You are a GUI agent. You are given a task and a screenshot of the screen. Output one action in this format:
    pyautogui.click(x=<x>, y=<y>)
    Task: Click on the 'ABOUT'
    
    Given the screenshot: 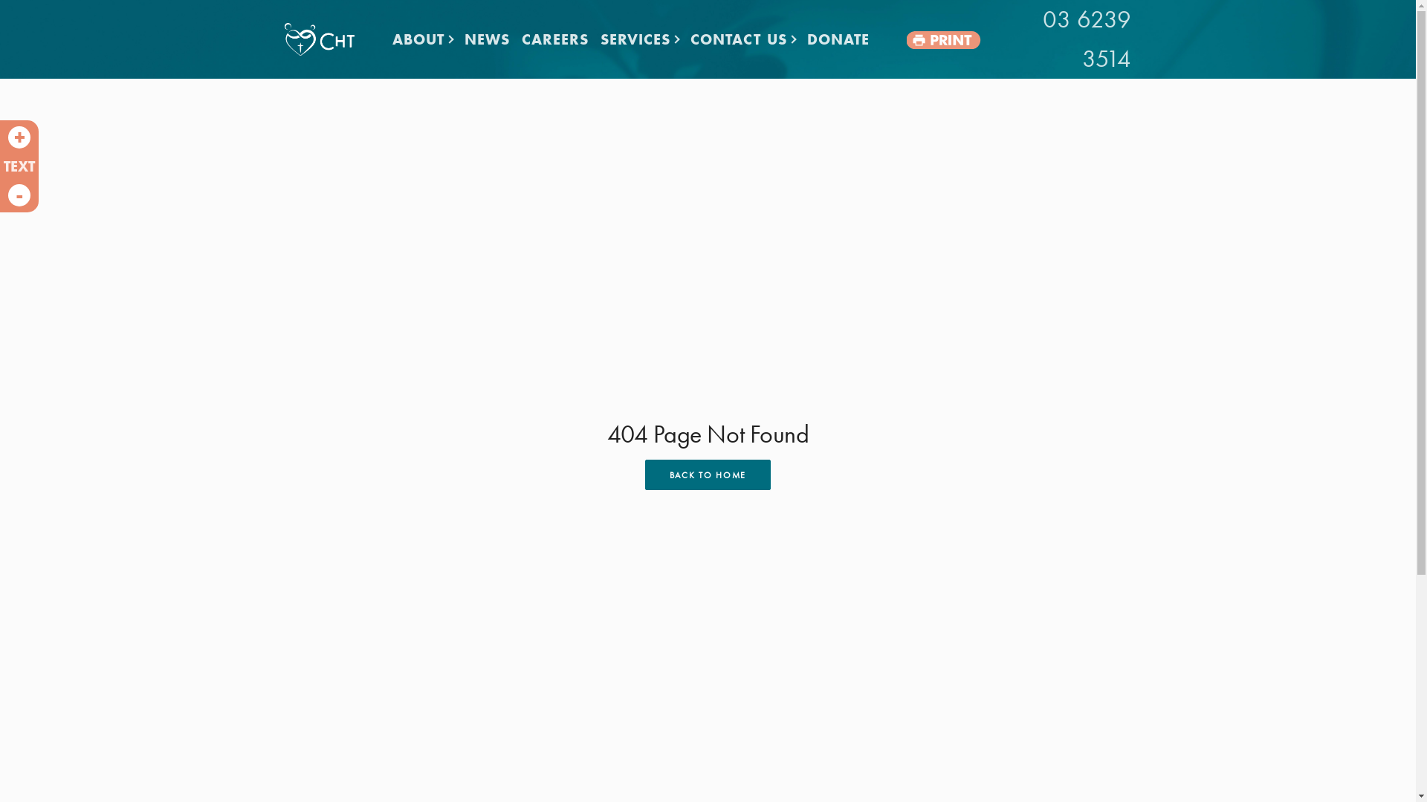 What is the action you would take?
    pyautogui.click(x=386, y=39)
    